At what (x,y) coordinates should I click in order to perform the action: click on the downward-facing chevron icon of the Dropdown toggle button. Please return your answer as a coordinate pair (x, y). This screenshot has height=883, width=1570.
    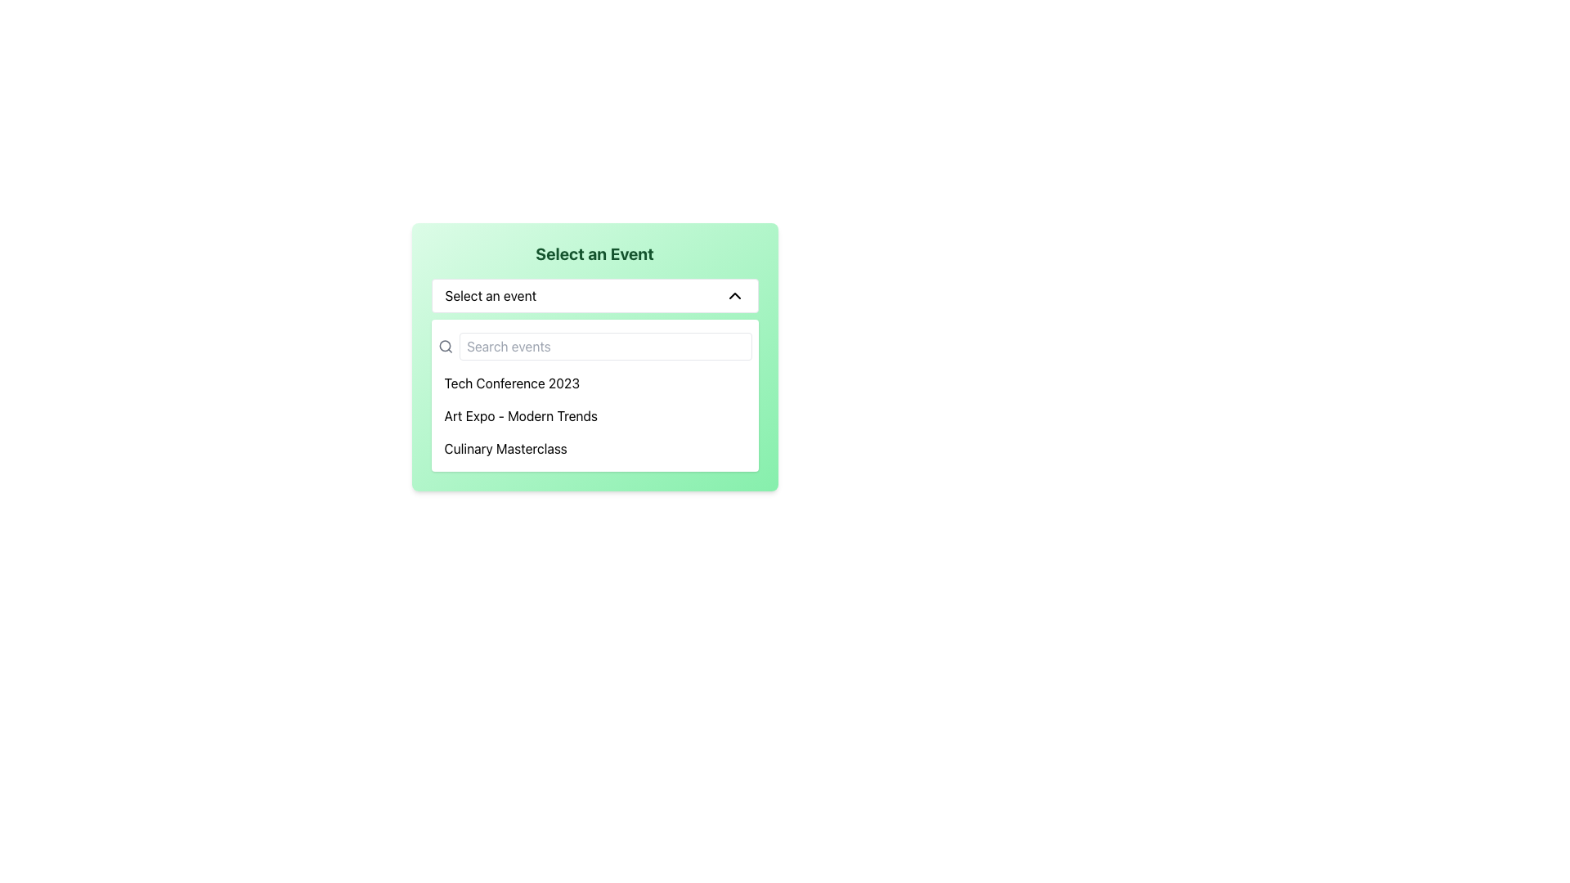
    Looking at the image, I should click on (733, 296).